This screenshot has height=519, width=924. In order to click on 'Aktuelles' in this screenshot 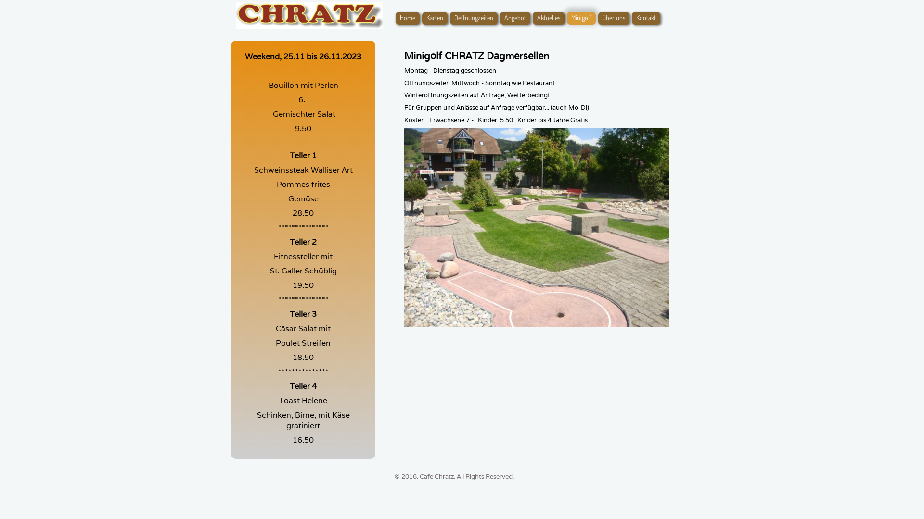, I will do `click(549, 18)`.